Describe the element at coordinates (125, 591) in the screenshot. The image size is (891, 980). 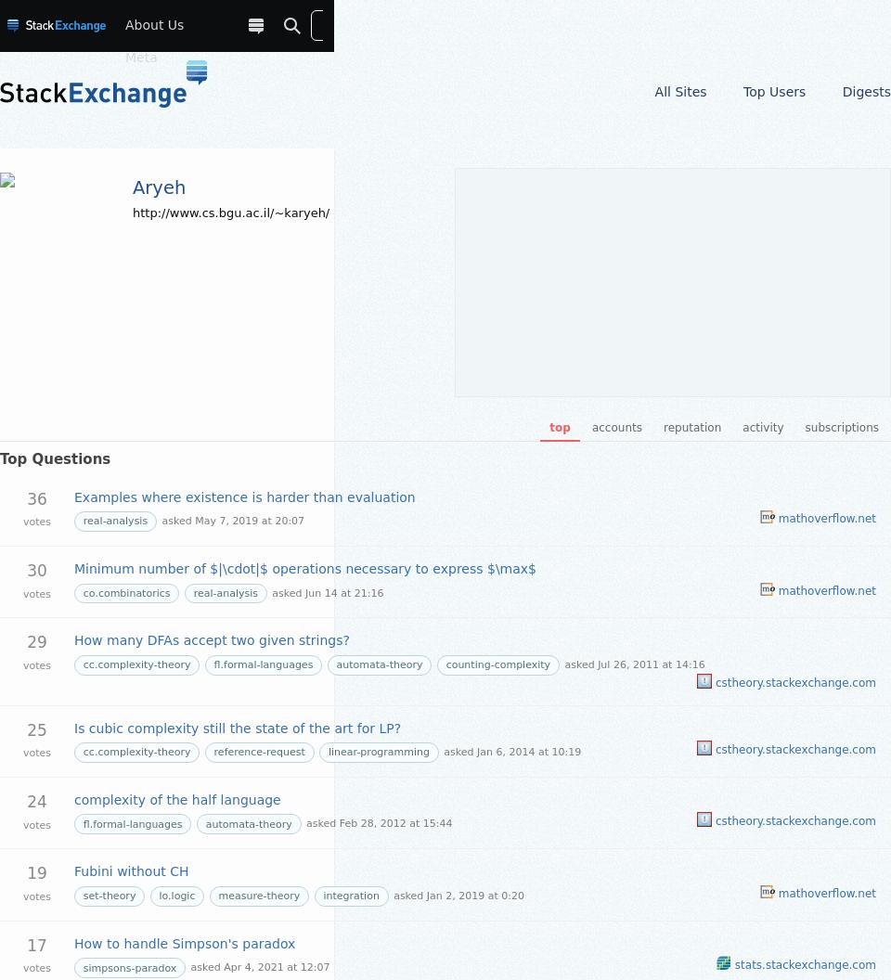
I see `'co.combinatorics'` at that location.